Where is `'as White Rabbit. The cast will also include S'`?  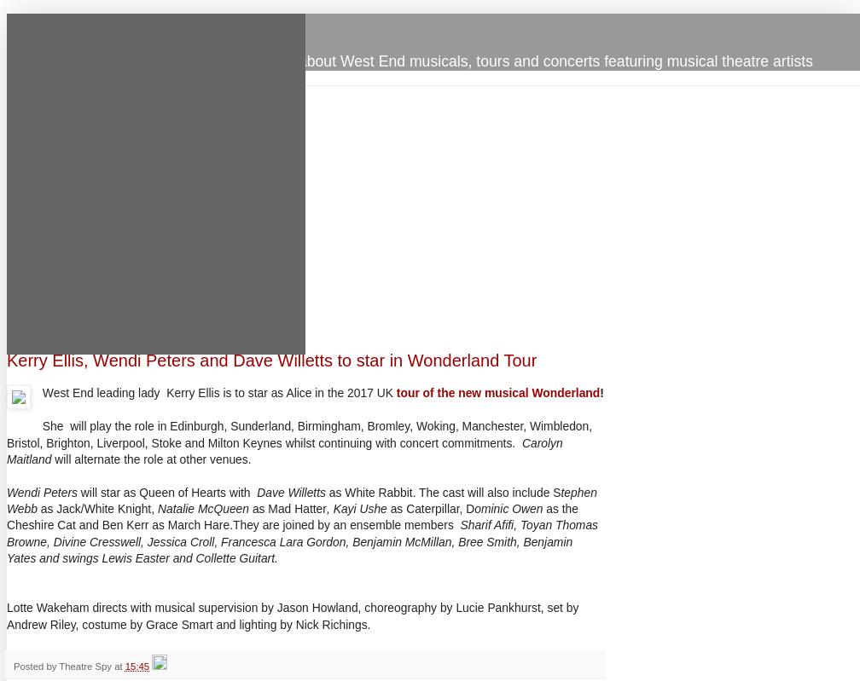
'as White Rabbit. The cast will also include S' is located at coordinates (443, 492).